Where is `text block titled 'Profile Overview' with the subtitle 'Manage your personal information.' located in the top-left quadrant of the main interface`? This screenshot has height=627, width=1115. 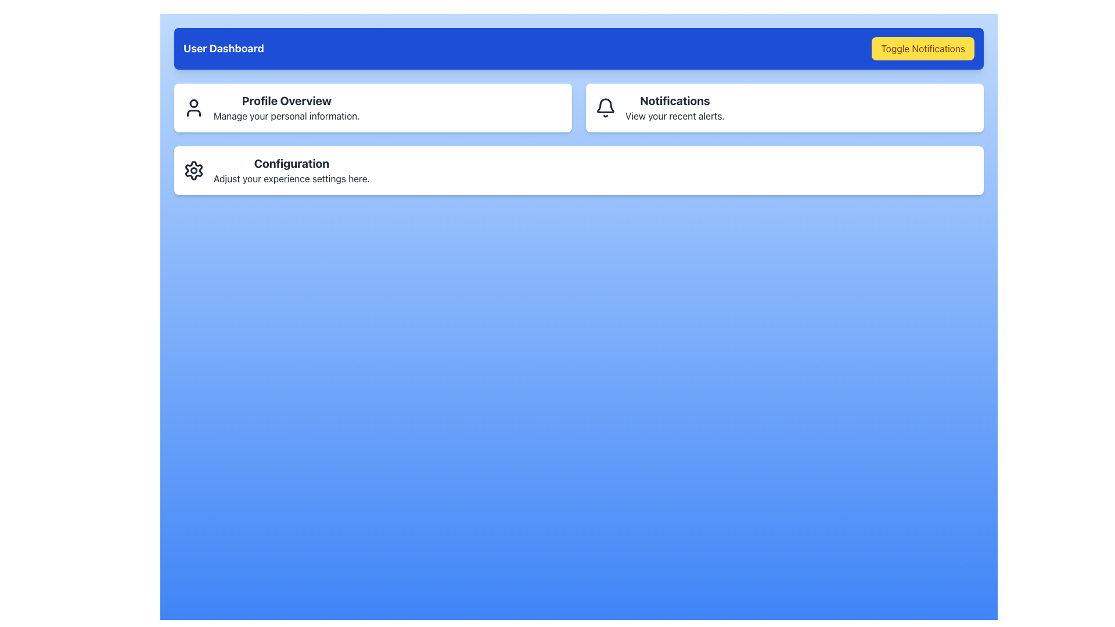 text block titled 'Profile Overview' with the subtitle 'Manage your personal information.' located in the top-left quadrant of the main interface is located at coordinates (286, 107).